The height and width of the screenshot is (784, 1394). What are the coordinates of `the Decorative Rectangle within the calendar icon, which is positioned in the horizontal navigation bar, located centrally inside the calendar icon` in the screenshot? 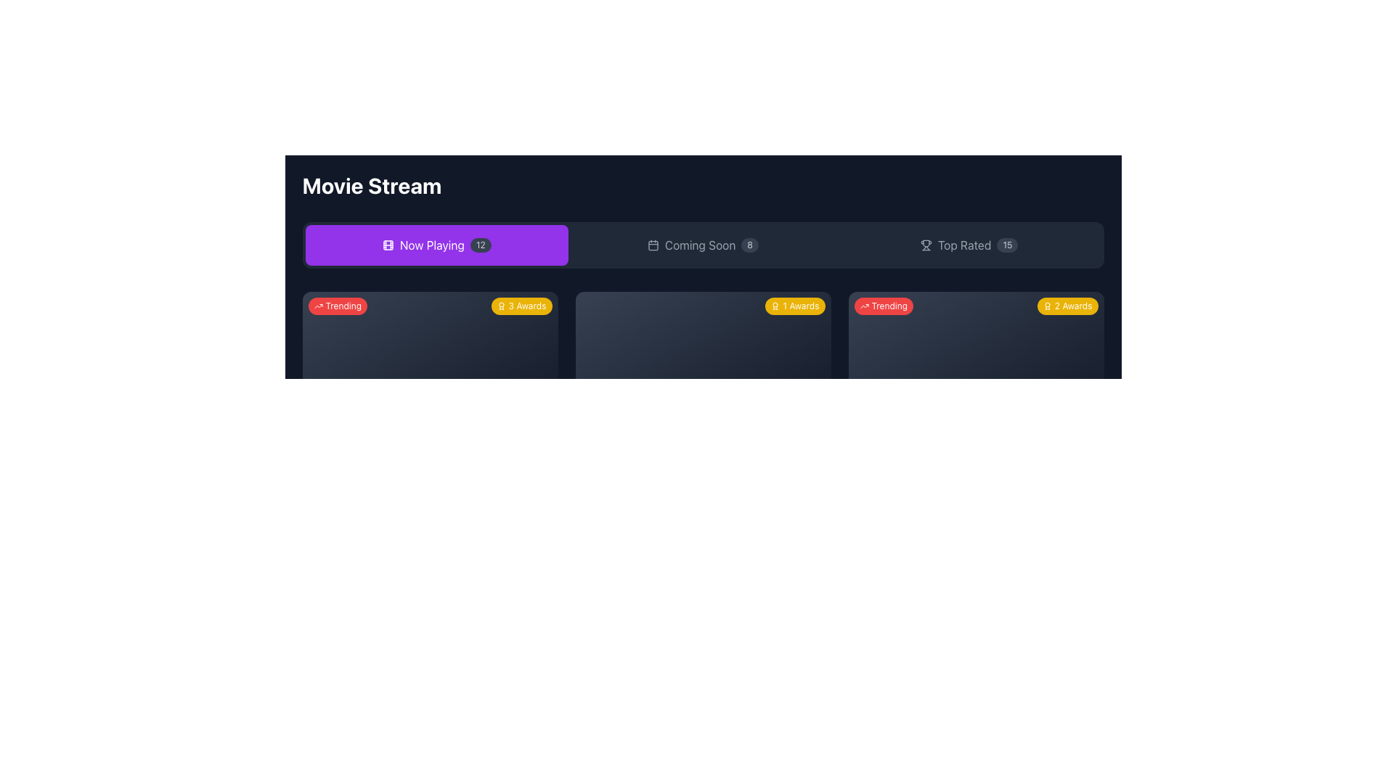 It's located at (652, 245).